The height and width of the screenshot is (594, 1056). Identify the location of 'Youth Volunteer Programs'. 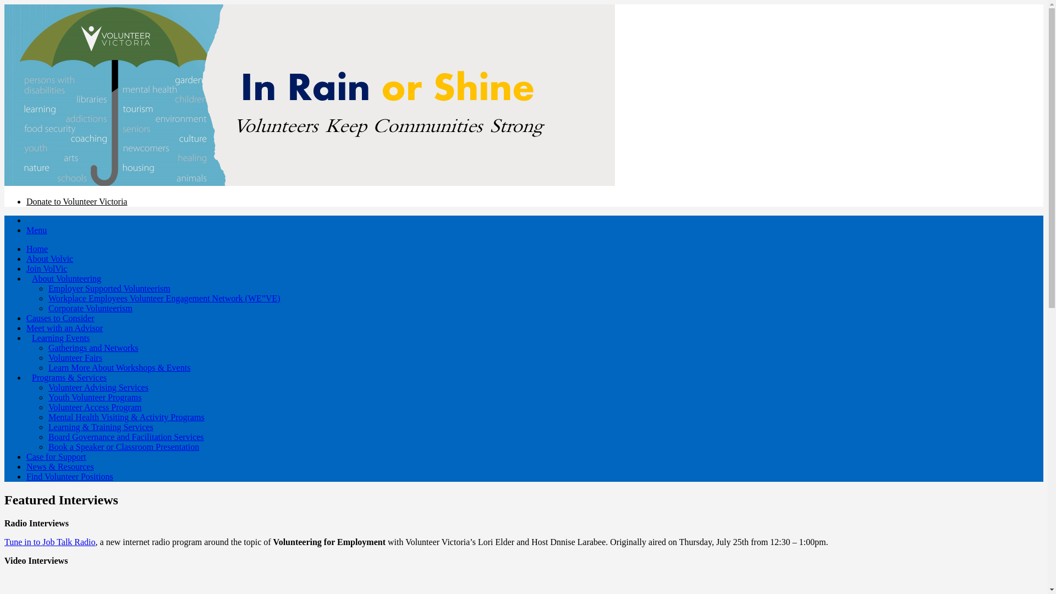
(95, 397).